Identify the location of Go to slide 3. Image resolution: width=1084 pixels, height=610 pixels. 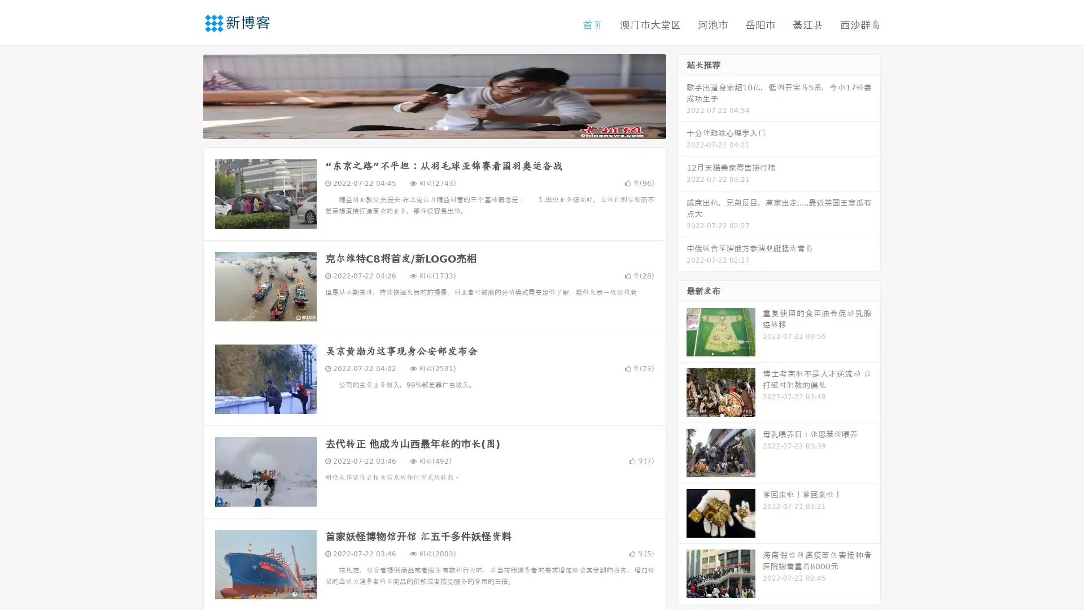
(445, 127).